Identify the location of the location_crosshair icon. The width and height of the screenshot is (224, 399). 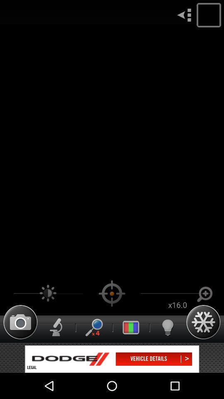
(112, 314).